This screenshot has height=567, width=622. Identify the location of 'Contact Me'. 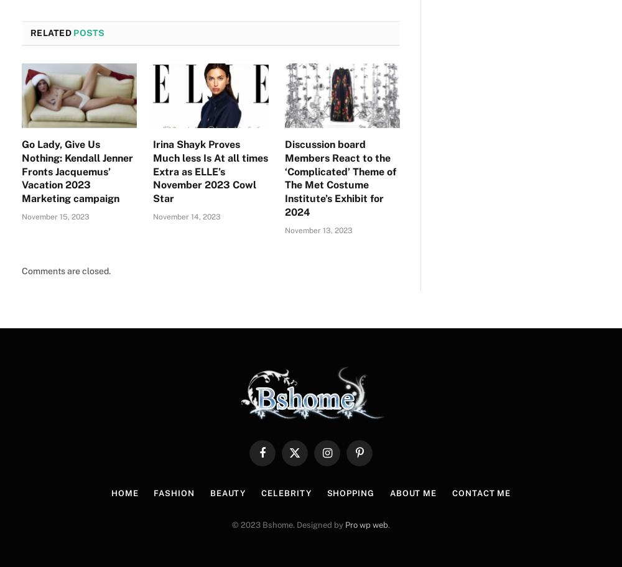
(481, 493).